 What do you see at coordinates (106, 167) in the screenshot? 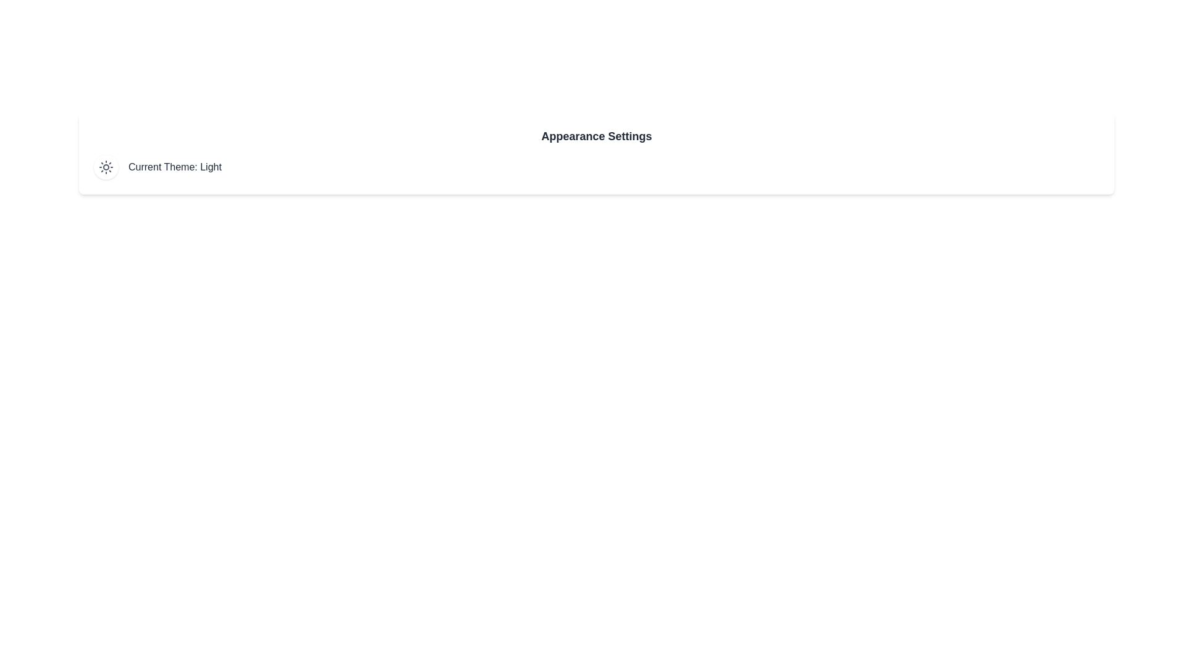
I see `the button to observe the hover effect` at bounding box center [106, 167].